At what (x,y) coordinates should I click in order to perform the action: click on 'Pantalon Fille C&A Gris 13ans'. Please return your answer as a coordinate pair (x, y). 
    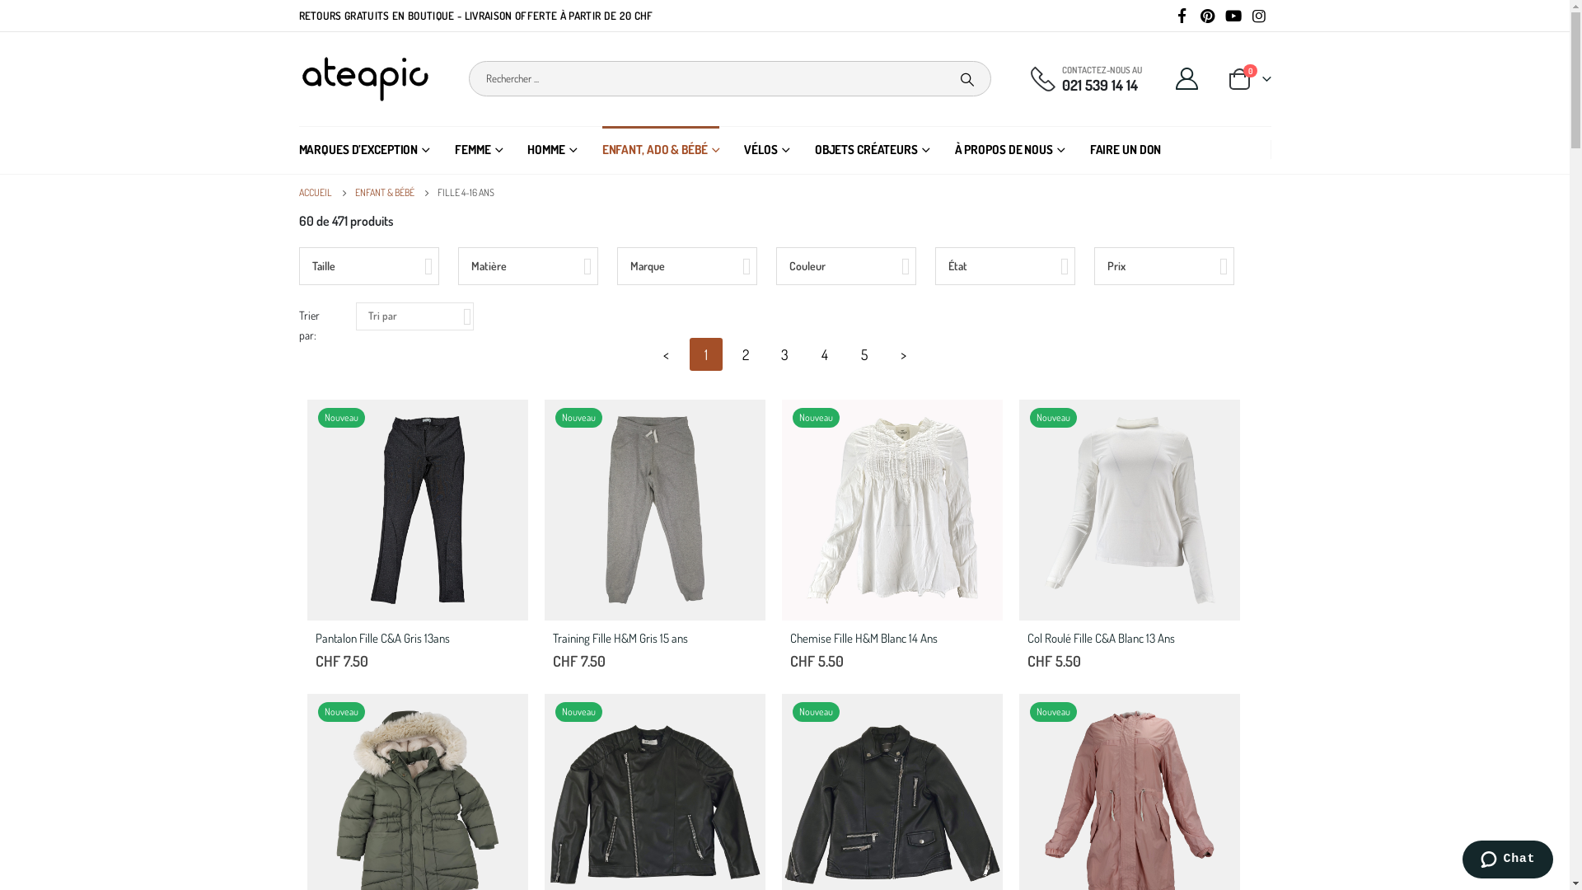
    Looking at the image, I should click on (415, 639).